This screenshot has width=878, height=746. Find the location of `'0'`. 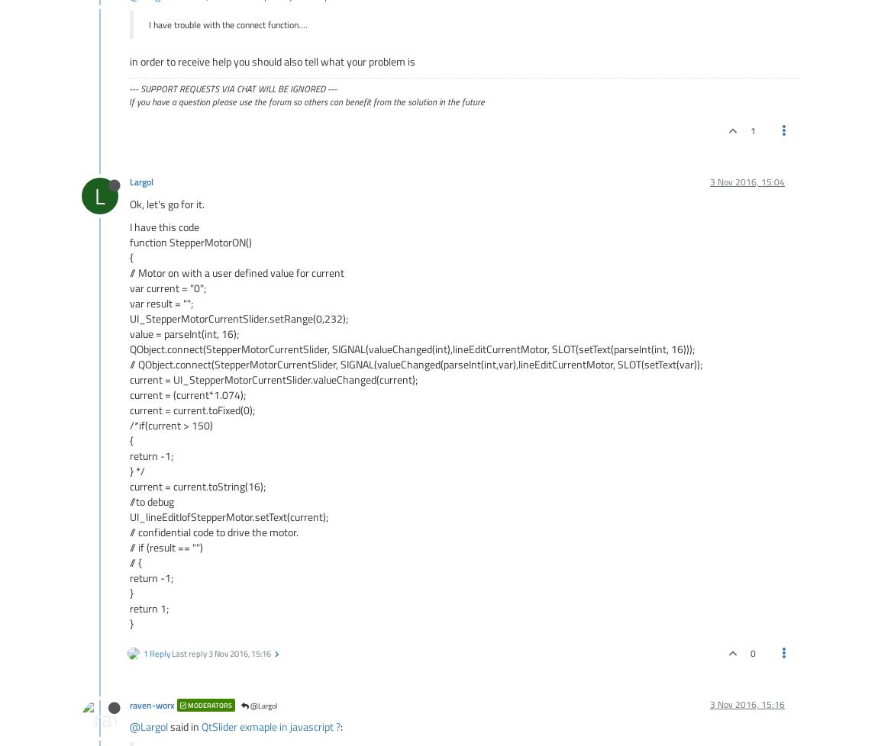

'0' is located at coordinates (752, 652).